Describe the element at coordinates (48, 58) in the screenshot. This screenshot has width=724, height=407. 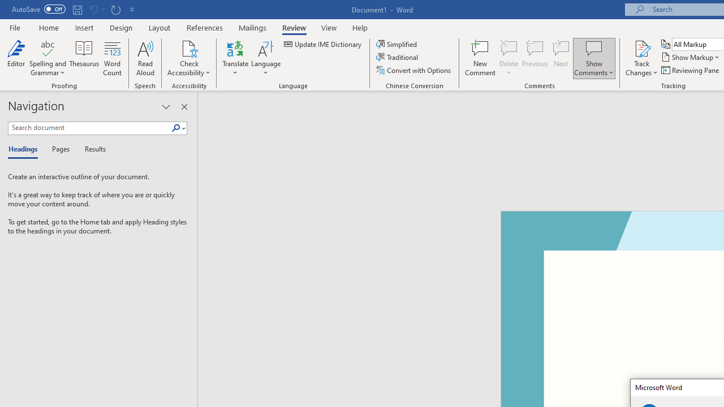
I see `'Spelling and Grammar'` at that location.